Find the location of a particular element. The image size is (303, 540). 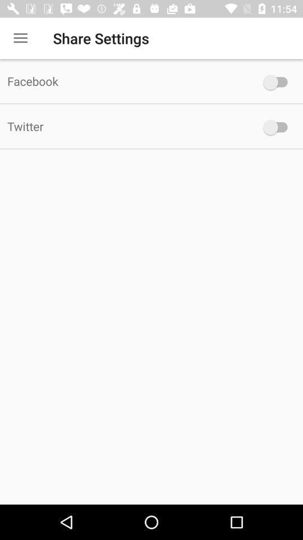

enable sharing with twitter is located at coordinates (277, 127).